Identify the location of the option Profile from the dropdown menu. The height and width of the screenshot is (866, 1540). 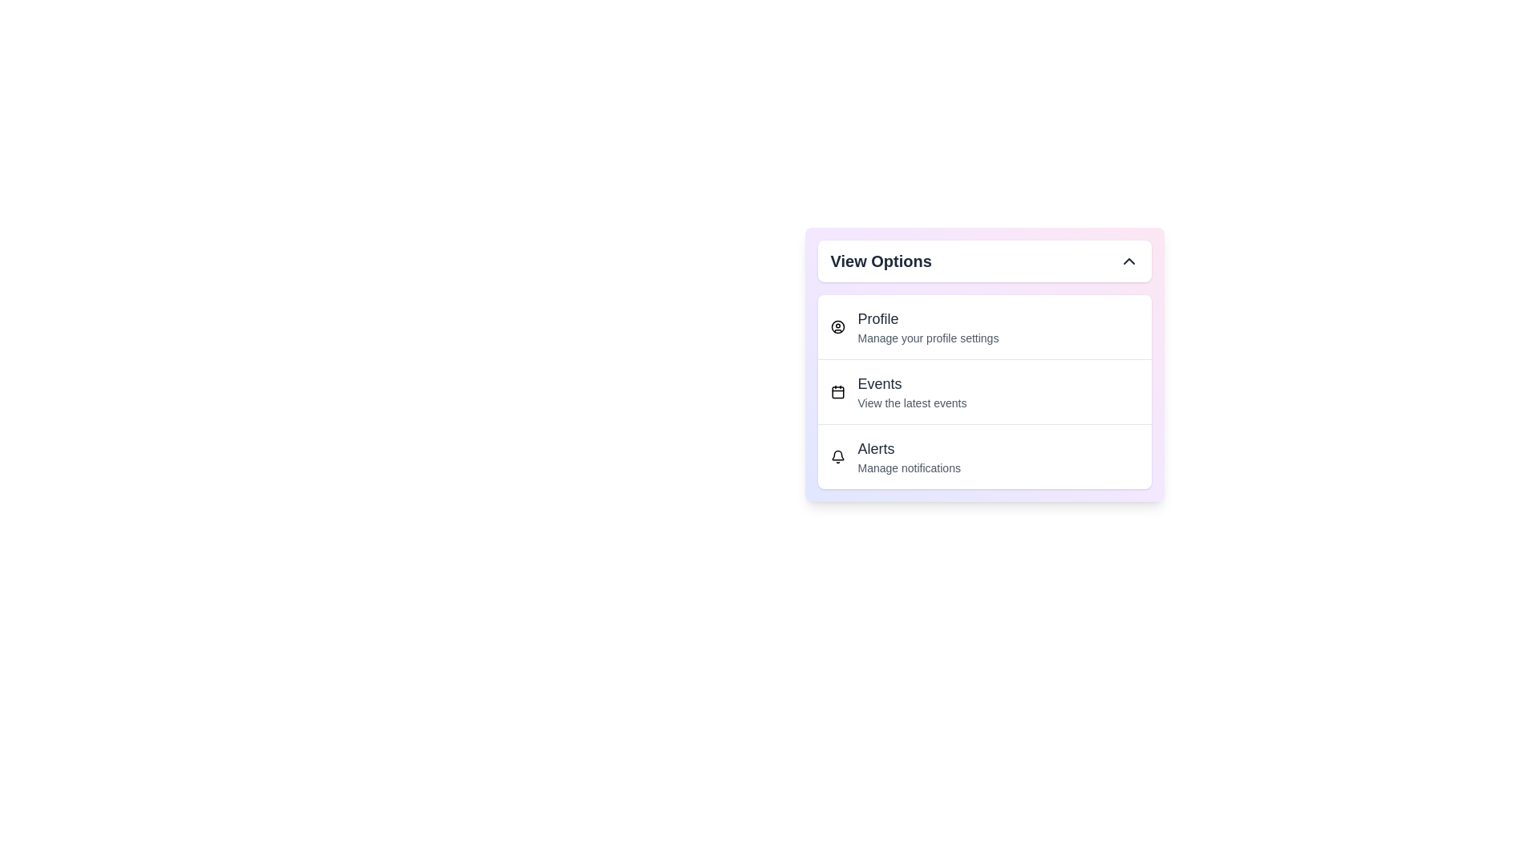
(983, 326).